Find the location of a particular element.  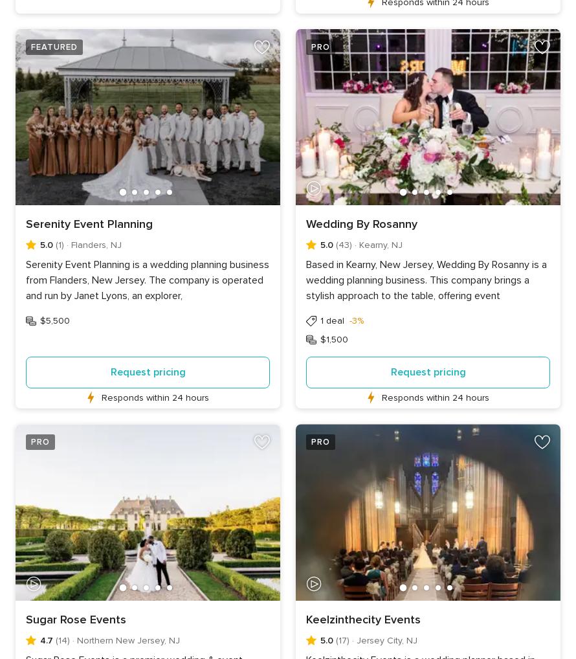

'Jersey City, NJ' is located at coordinates (386, 640).